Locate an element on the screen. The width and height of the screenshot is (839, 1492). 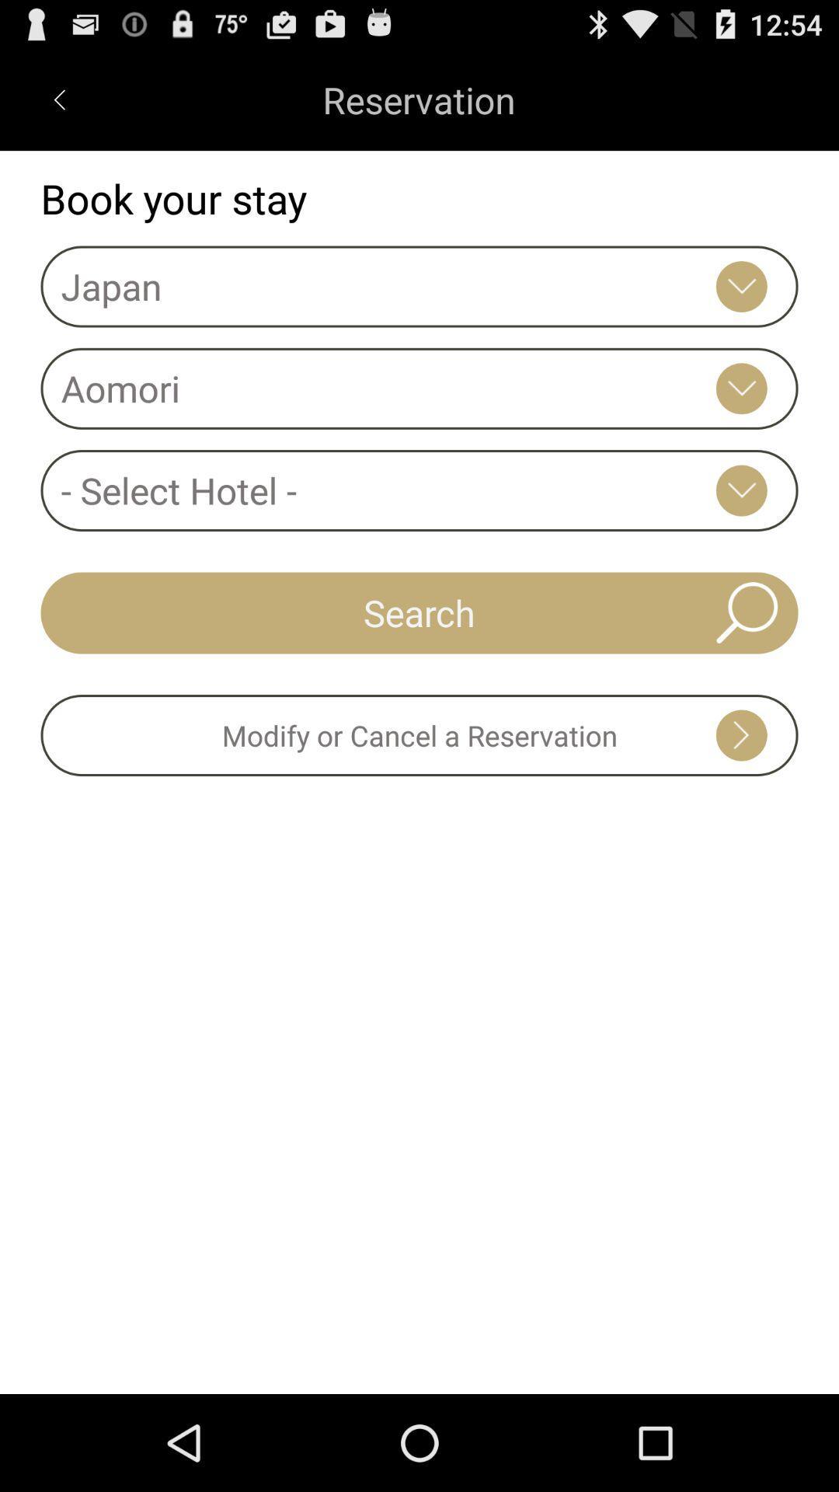
the left scroll from the top left corner is located at coordinates (59, 99).